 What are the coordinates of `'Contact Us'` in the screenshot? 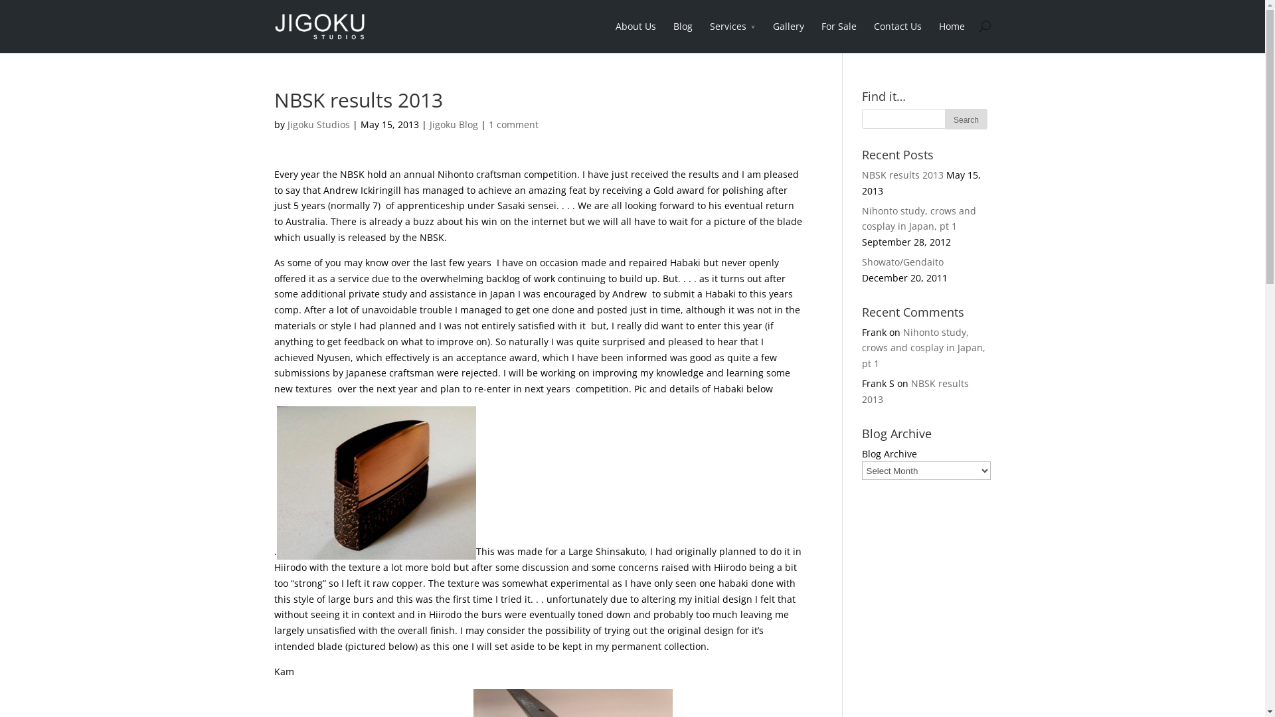 It's located at (898, 35).